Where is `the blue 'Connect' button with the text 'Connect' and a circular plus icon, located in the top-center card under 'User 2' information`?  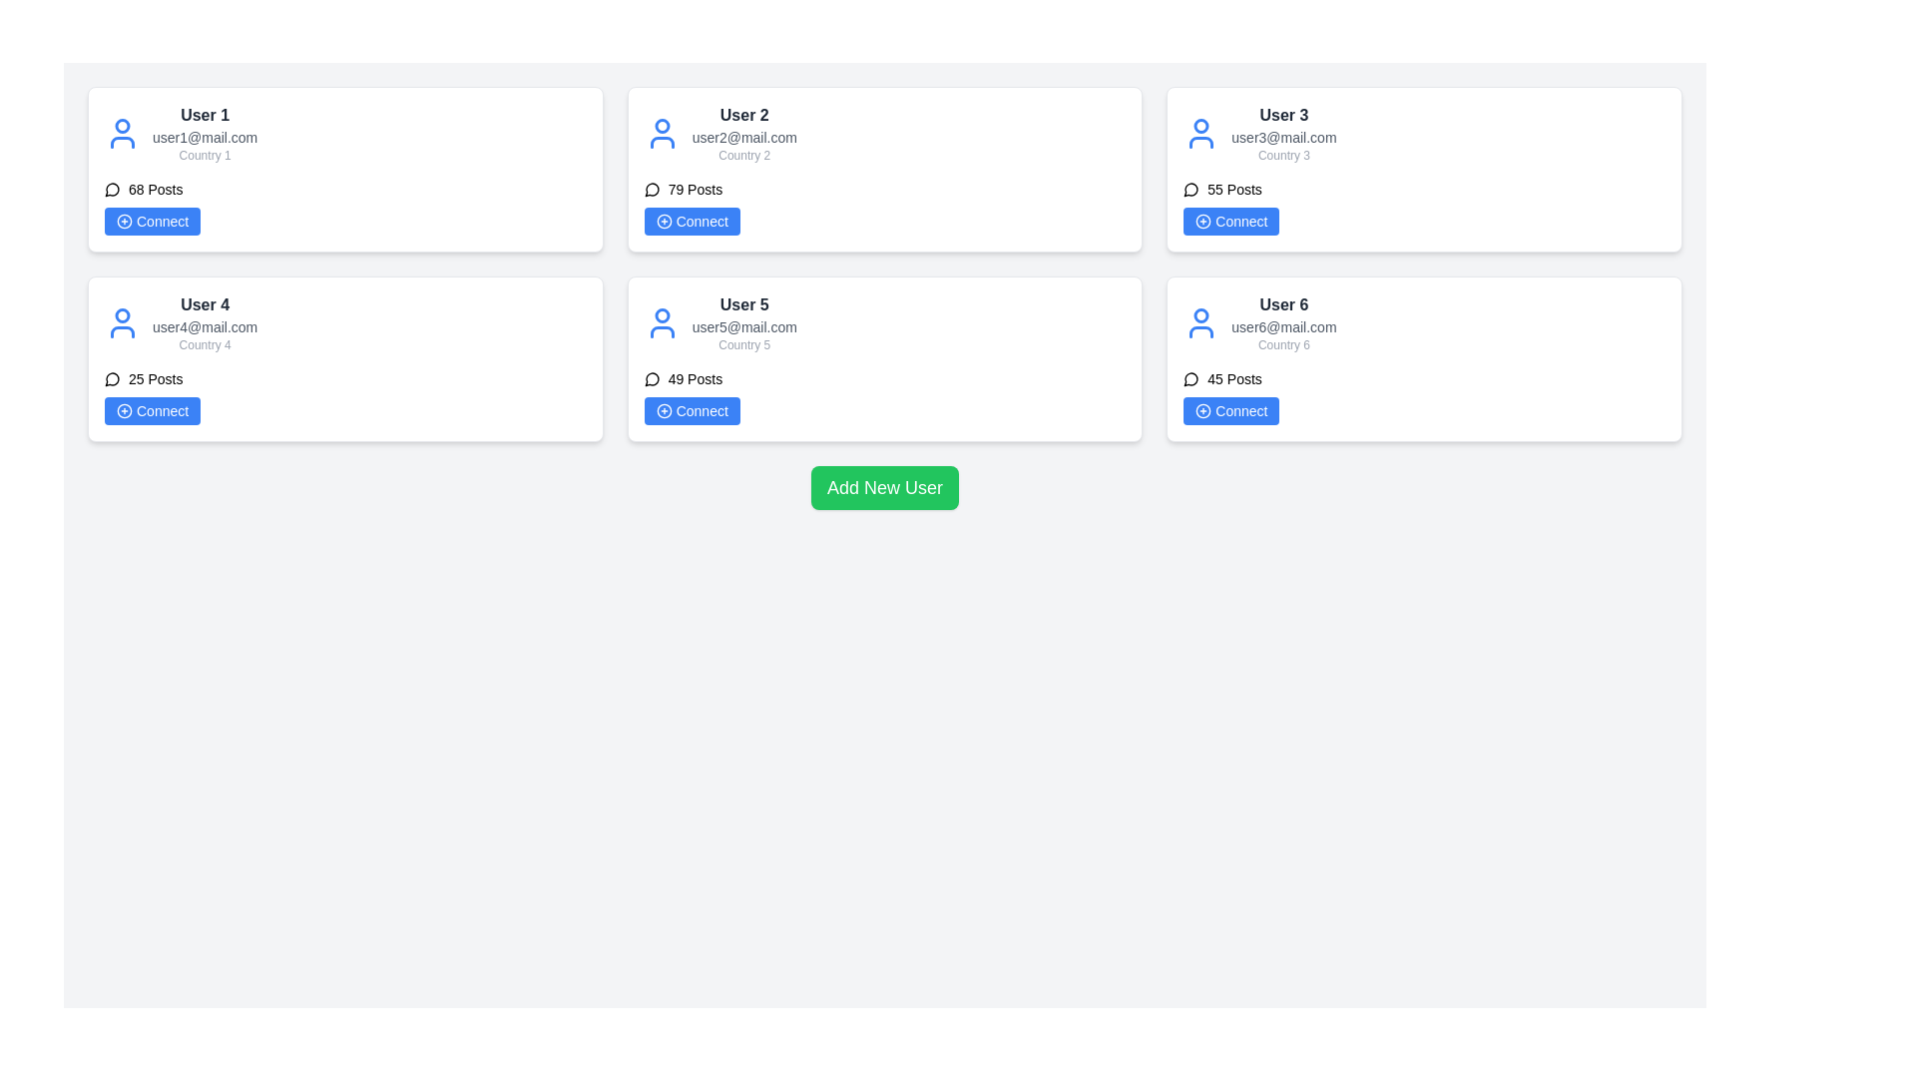 the blue 'Connect' button with the text 'Connect' and a circular plus icon, located in the top-center card under 'User 2' information is located at coordinates (692, 222).